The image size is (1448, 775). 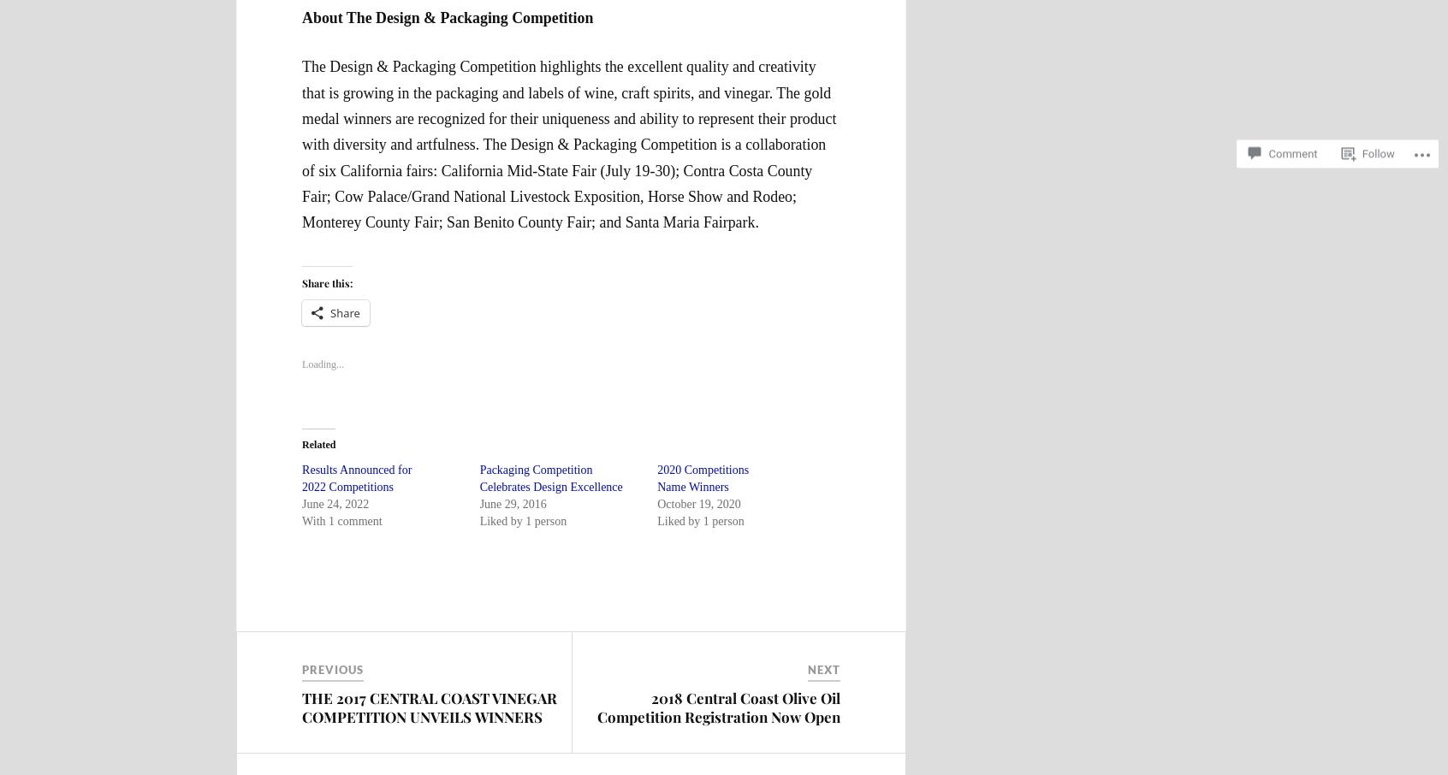 What do you see at coordinates (1292, 137) in the screenshot?
I see `'Comment'` at bounding box center [1292, 137].